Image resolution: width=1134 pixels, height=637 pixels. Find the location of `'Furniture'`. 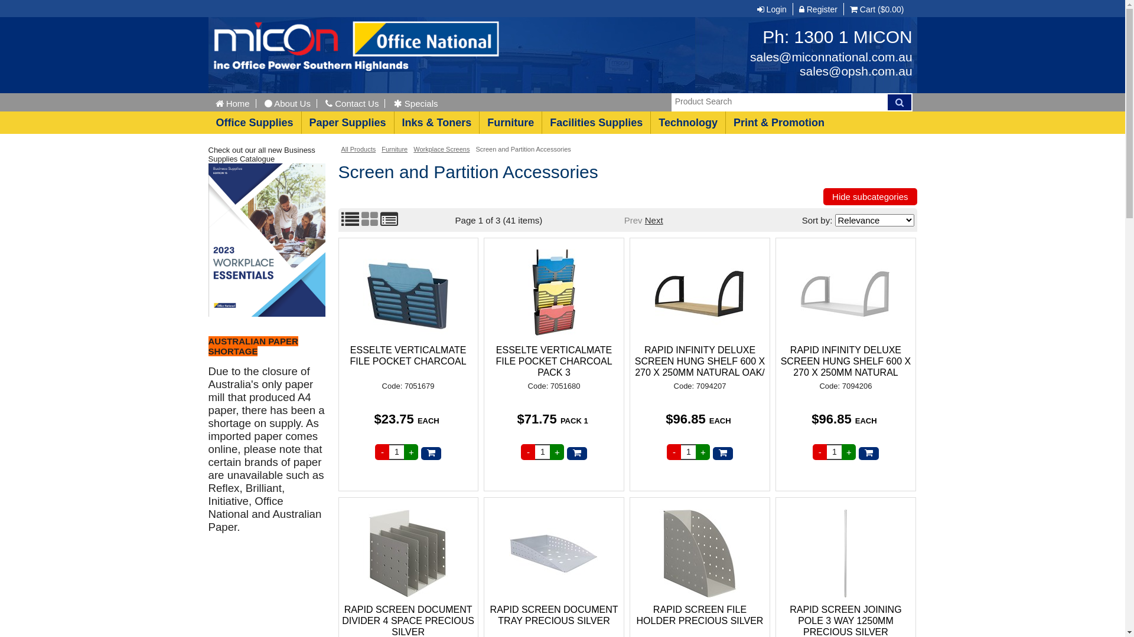

'Furniture' is located at coordinates (394, 149).